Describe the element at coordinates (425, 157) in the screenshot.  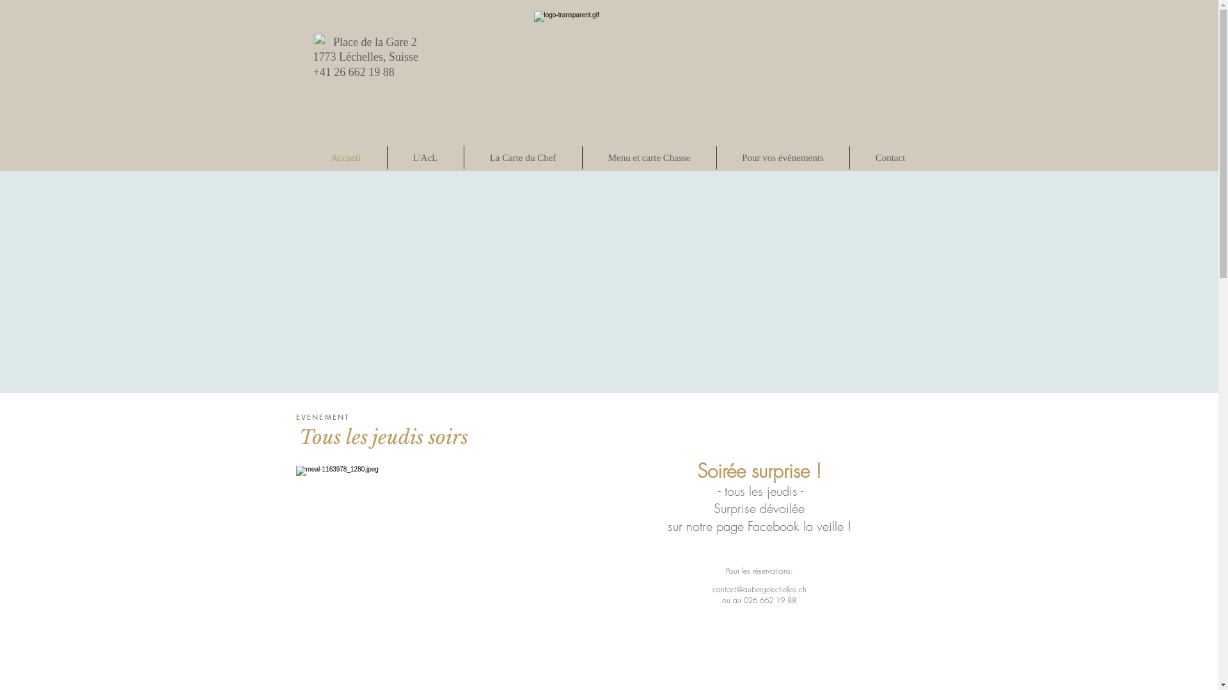
I see `'L'AcL'` at that location.